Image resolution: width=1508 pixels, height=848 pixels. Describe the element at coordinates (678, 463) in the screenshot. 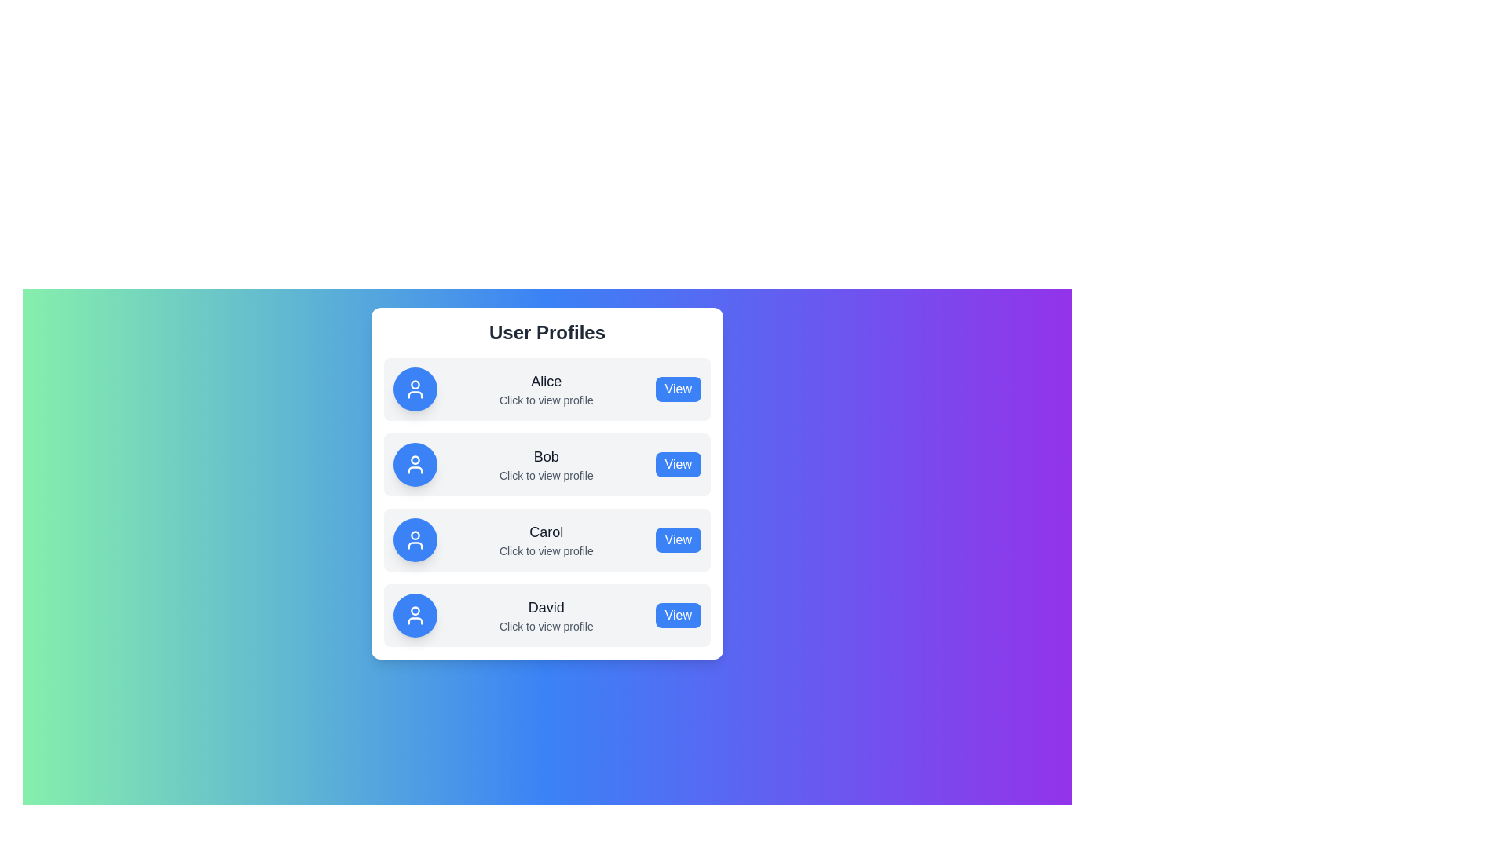

I see `the button located on the right side of the profile information row for 'Bob'` at that location.